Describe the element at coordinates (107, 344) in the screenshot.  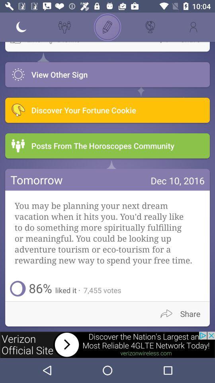
I see `click advertisement` at that location.